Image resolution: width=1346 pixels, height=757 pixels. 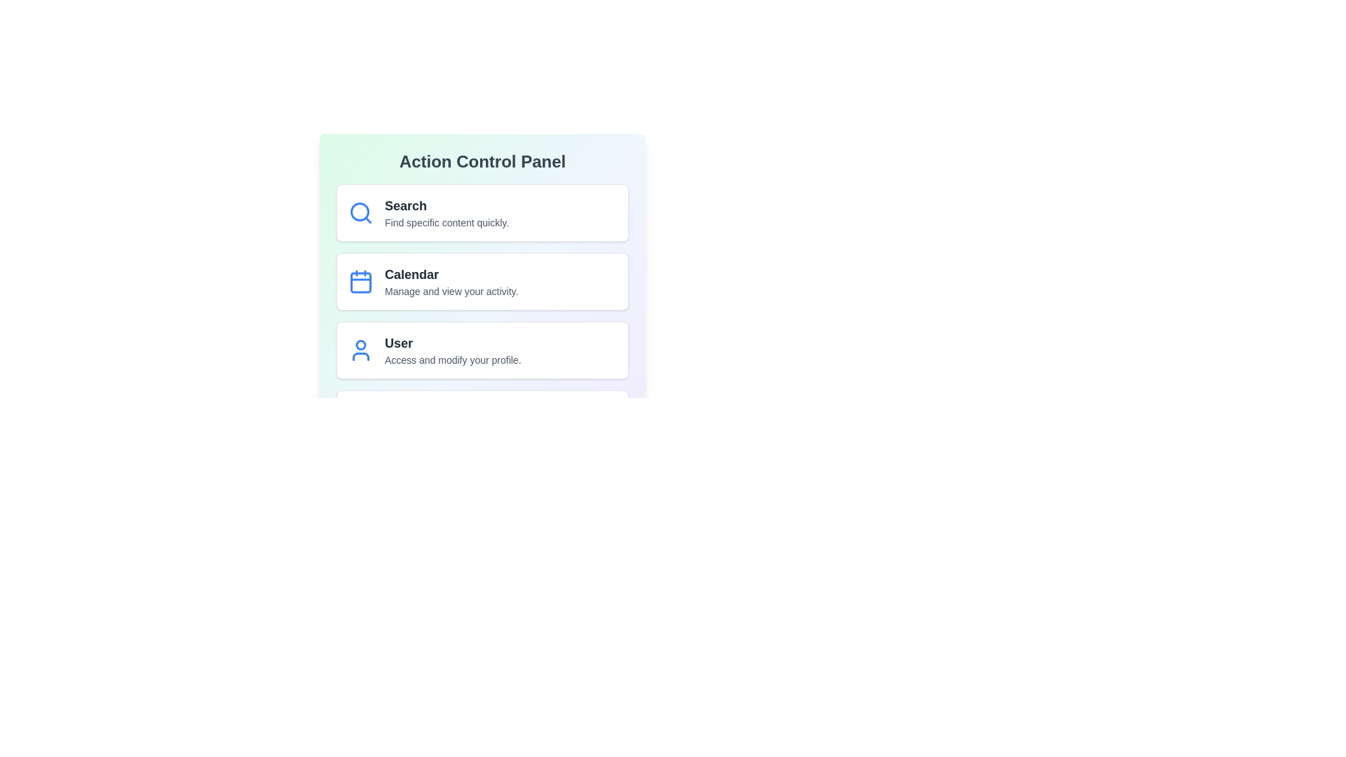 I want to click on the structural element within the calendar icon located in the second row of options under the 'Action Control Panel', so click(x=360, y=282).